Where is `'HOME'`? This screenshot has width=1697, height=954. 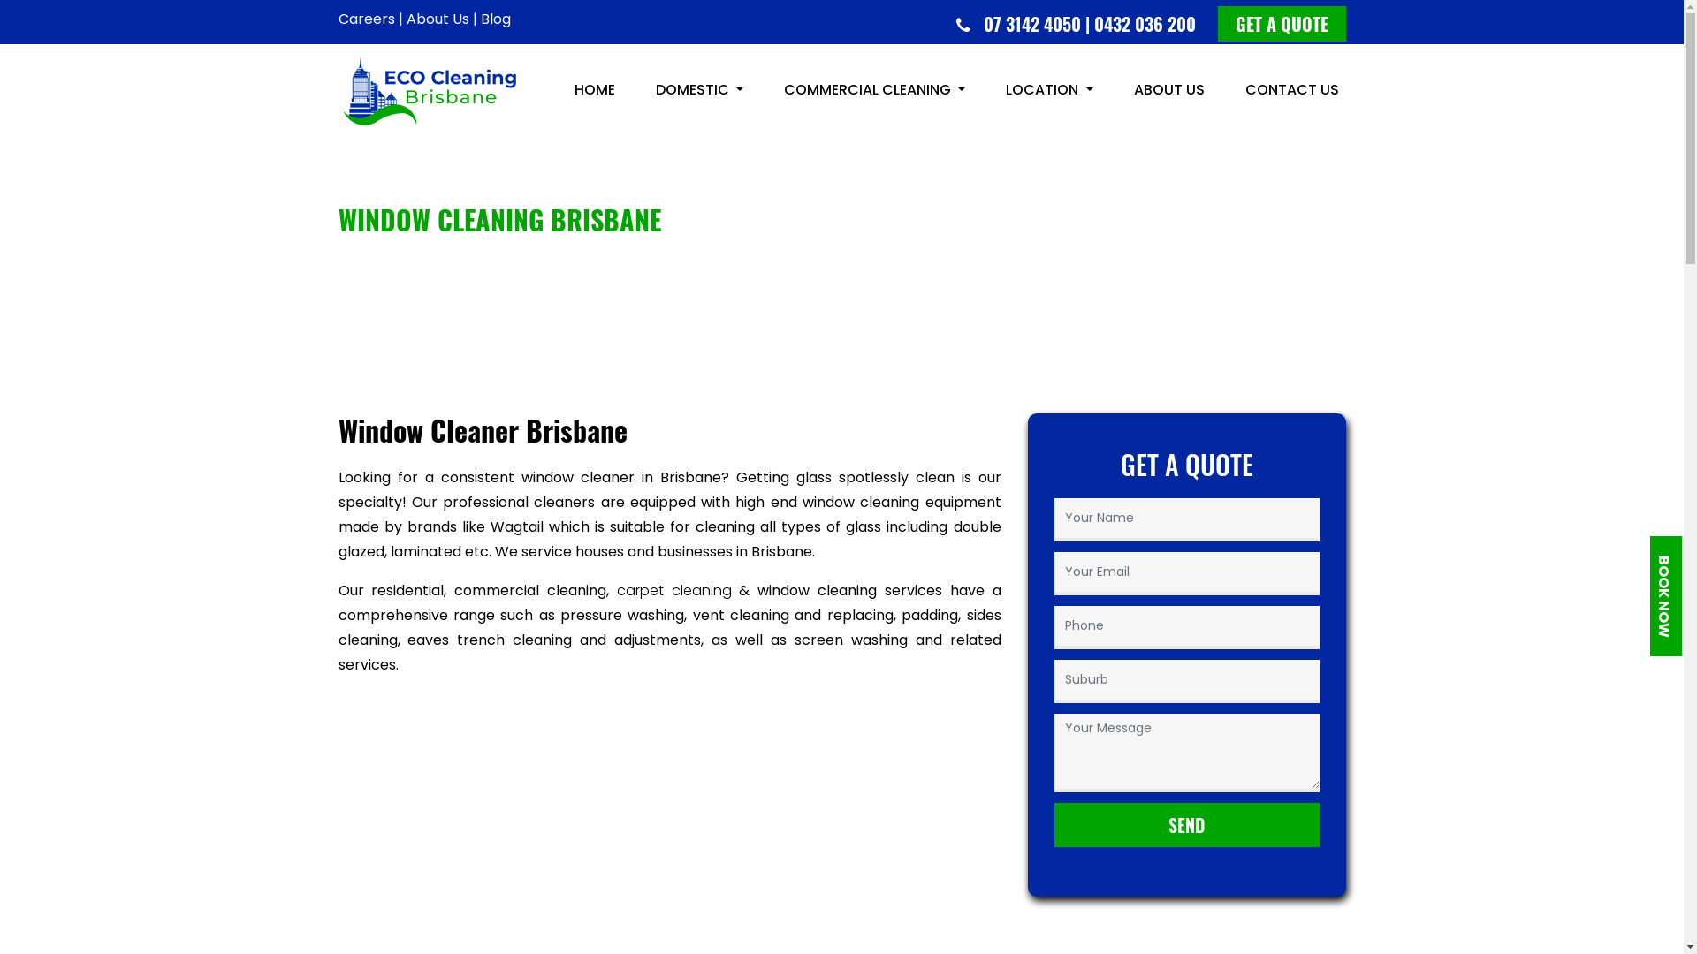
'HOME' is located at coordinates (567, 89).